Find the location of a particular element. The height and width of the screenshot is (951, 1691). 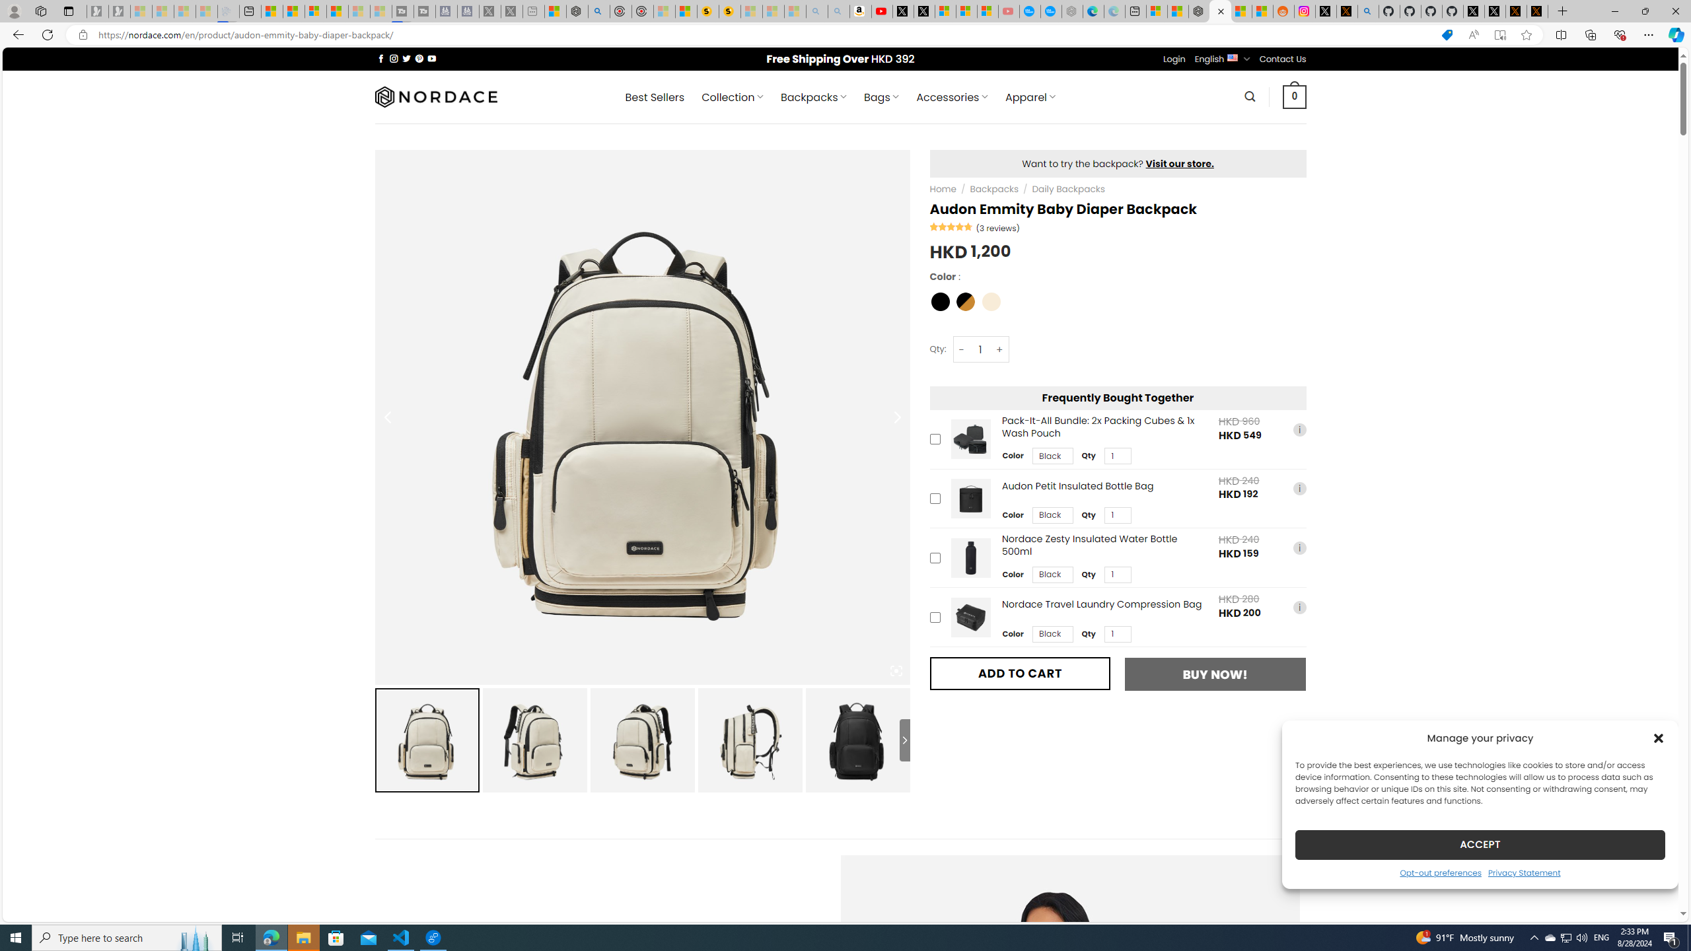

'poe - Search' is located at coordinates (598, 11).